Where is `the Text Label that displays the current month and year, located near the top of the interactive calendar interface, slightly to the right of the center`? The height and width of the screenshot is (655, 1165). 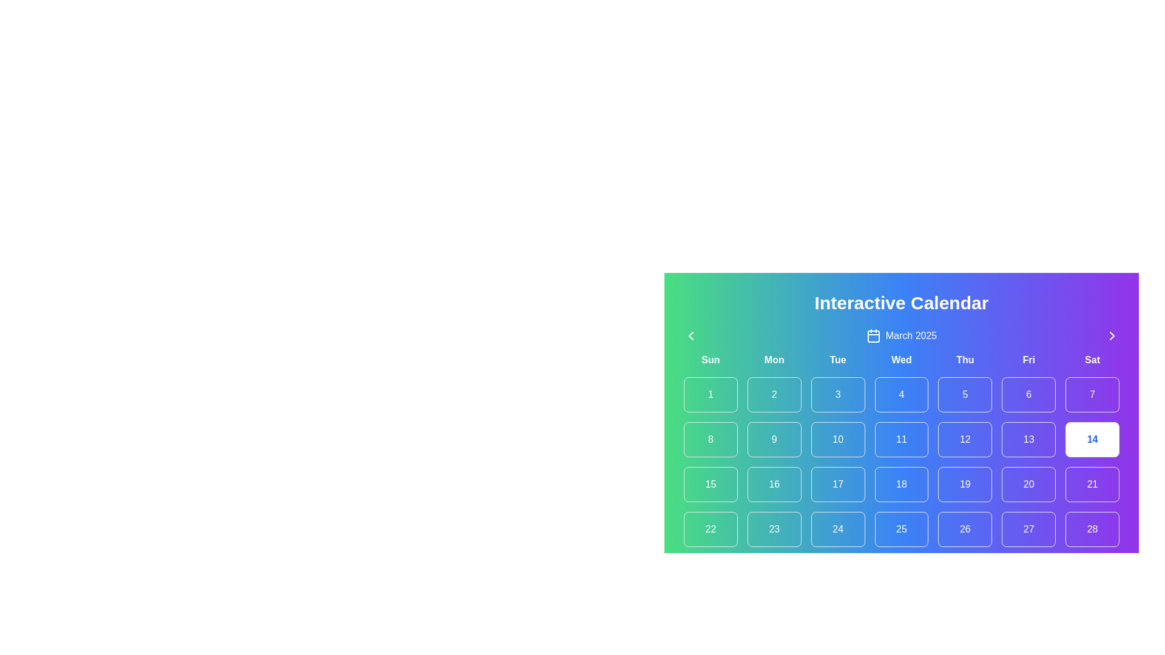
the Text Label that displays the current month and year, located near the top of the interactive calendar interface, slightly to the right of the center is located at coordinates (911, 336).